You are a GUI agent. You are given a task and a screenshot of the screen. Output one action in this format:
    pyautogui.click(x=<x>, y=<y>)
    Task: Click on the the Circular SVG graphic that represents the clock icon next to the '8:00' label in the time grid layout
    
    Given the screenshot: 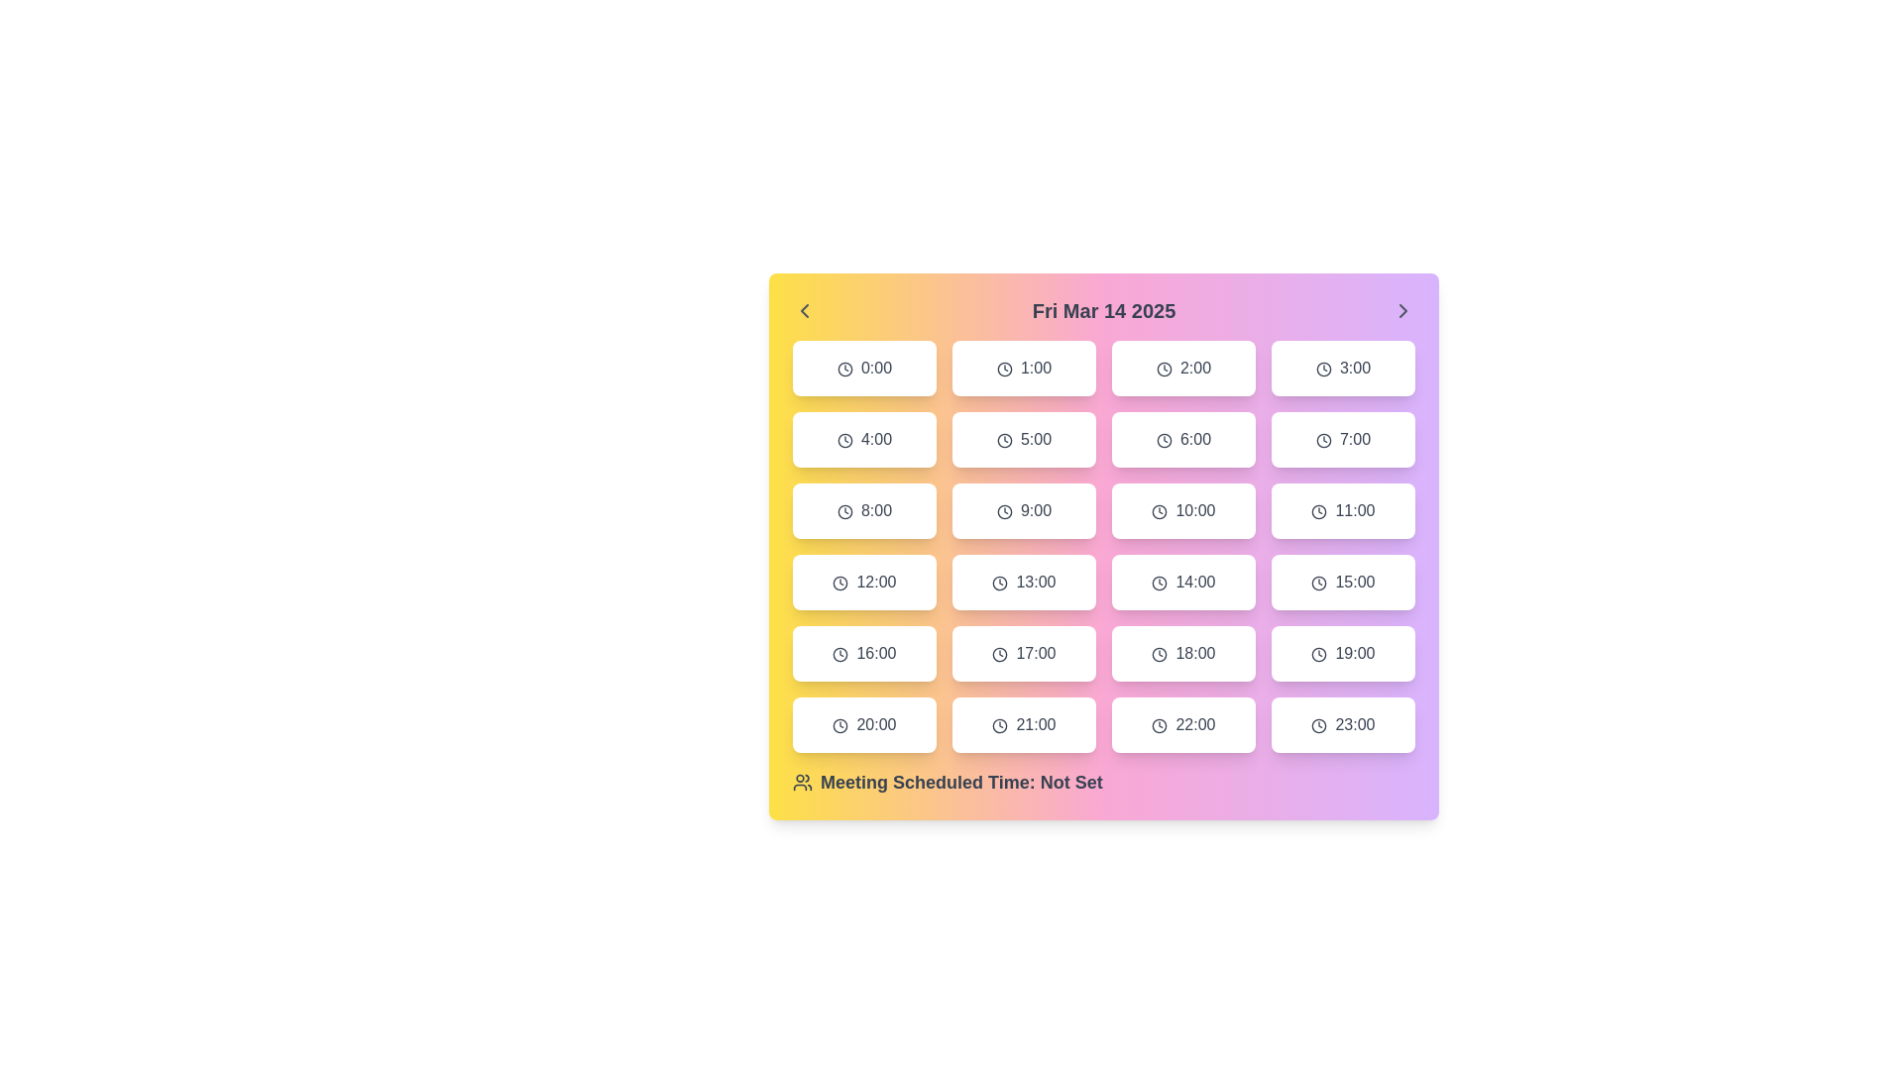 What is the action you would take?
    pyautogui.click(x=844, y=510)
    